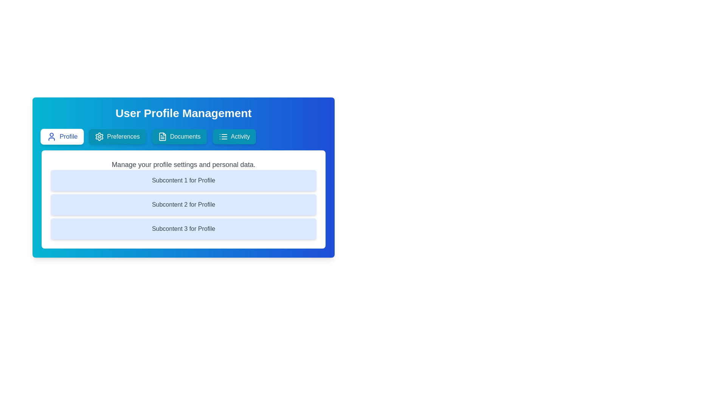 This screenshot has height=408, width=726. I want to click on the user profile icon, so click(51, 137).